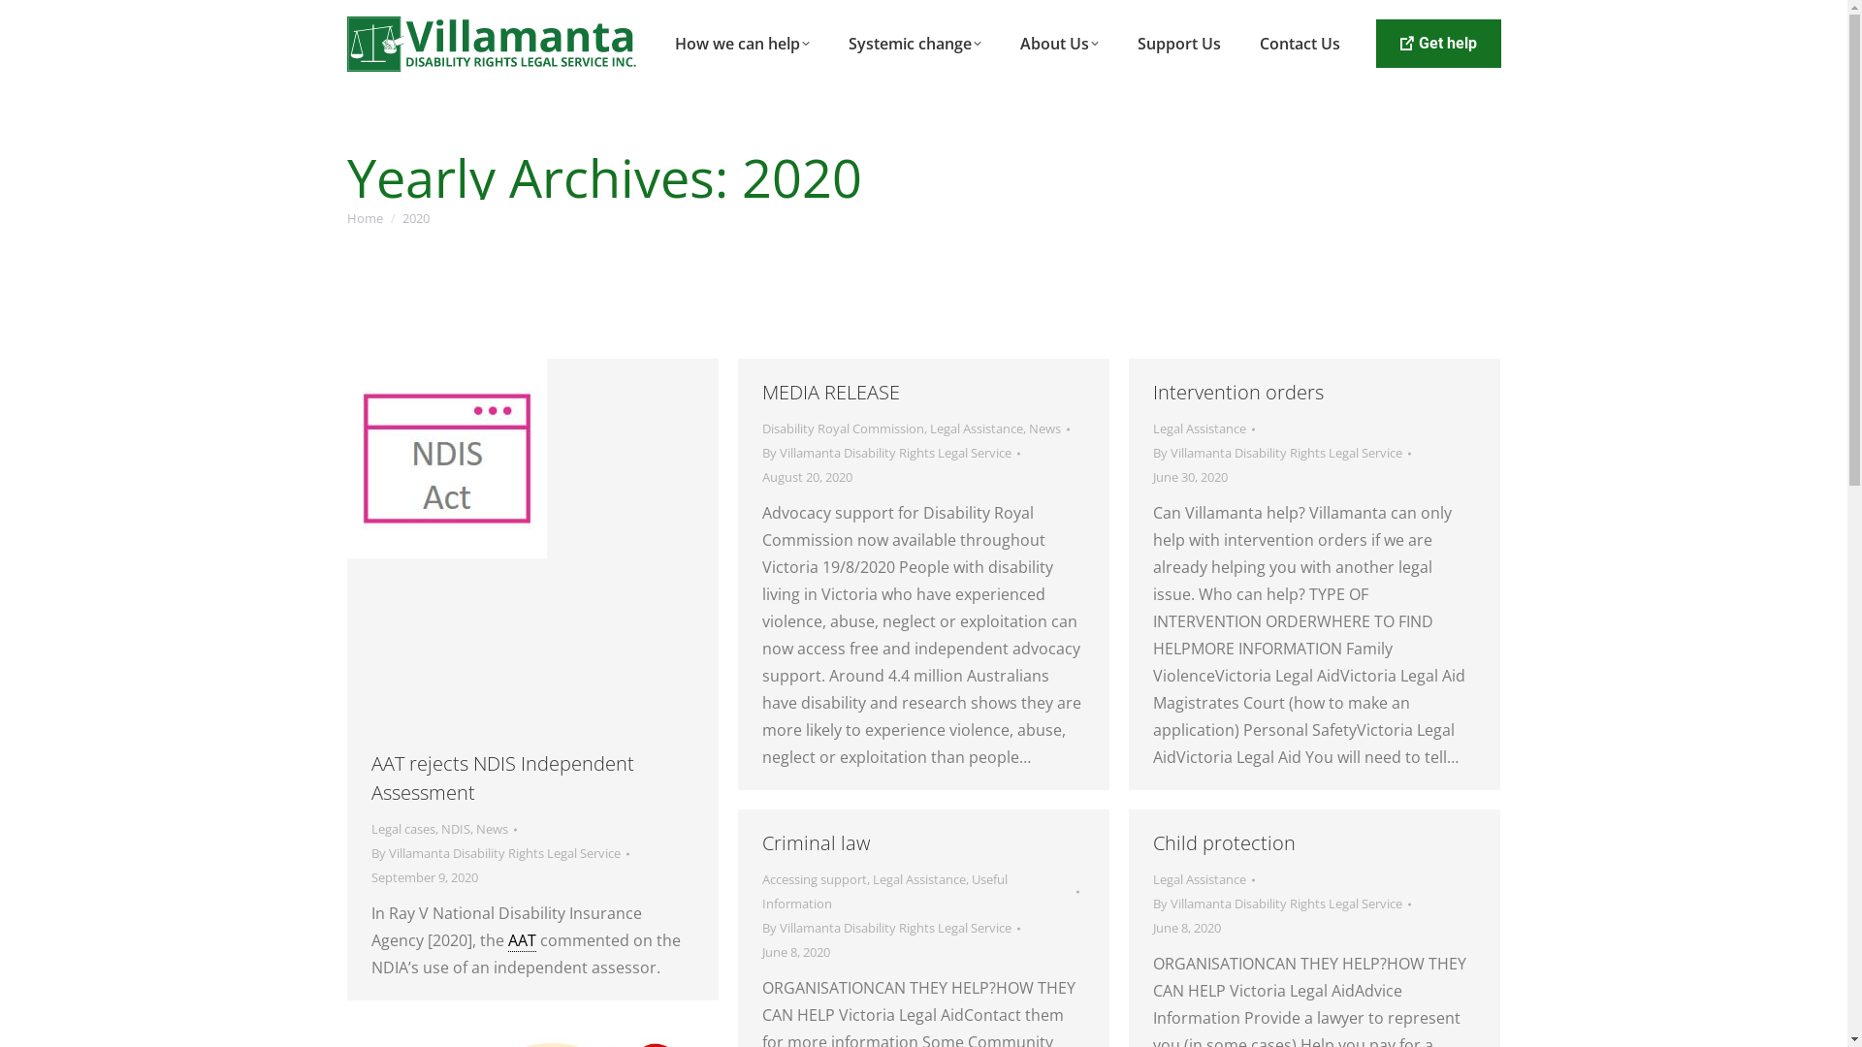 This screenshot has width=1862, height=1047. Describe the element at coordinates (1236, 392) in the screenshot. I see `'Intervention orders'` at that location.